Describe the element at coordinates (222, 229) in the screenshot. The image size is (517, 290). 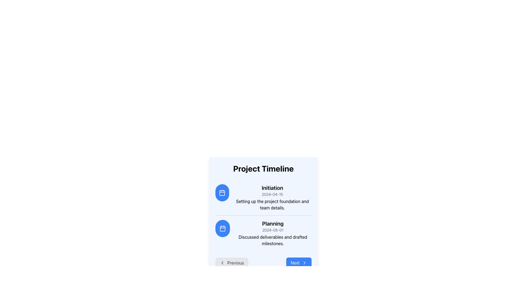
I see `the circular blue button with a white calendar icon` at that location.